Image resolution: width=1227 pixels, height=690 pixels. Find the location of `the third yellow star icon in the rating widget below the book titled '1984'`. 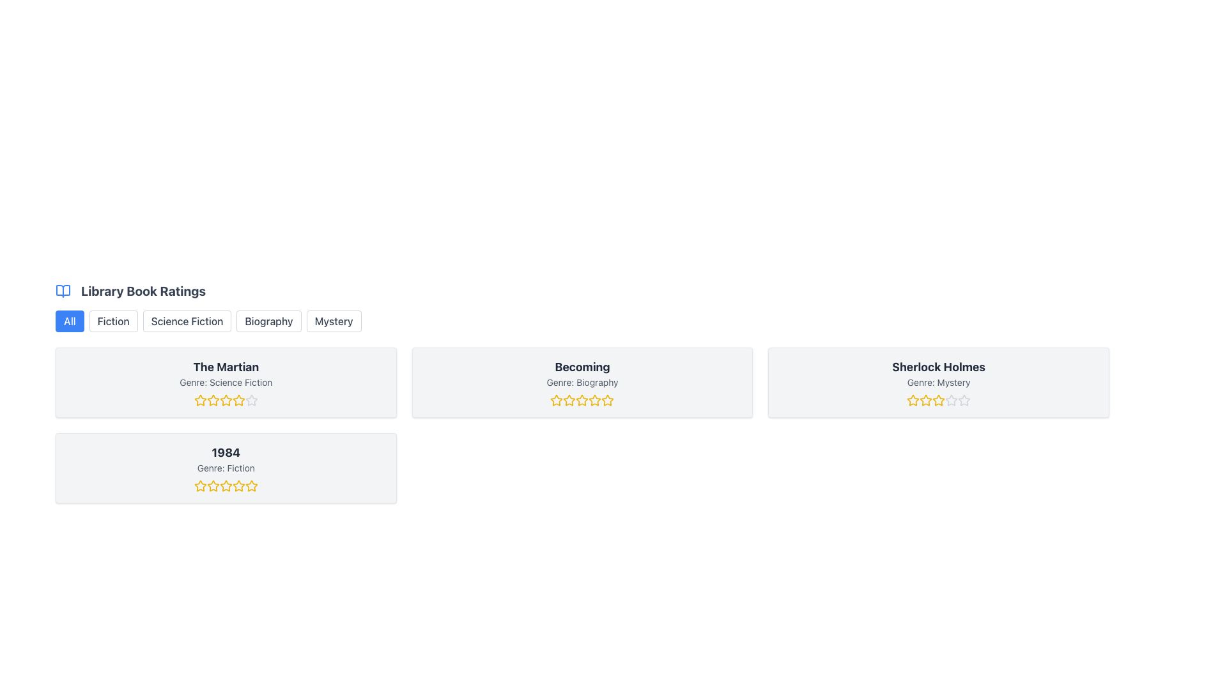

the third yellow star icon in the rating widget below the book titled '1984' is located at coordinates (226, 486).